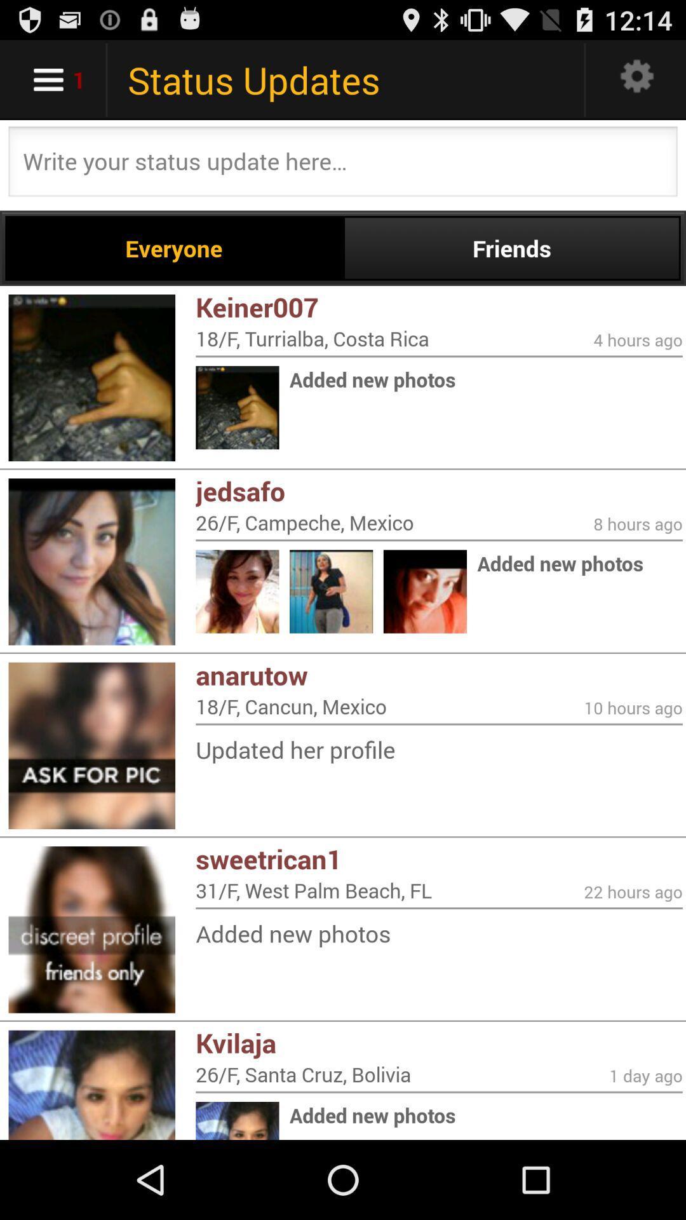 Image resolution: width=686 pixels, height=1220 pixels. What do you see at coordinates (343, 165) in the screenshot?
I see `status` at bounding box center [343, 165].